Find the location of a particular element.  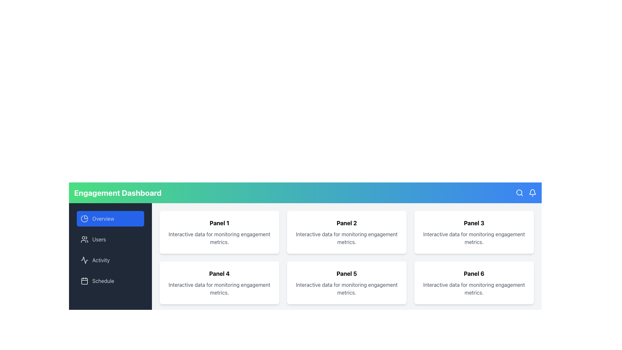

the second segment of the pie chart icon in the 'Overview' section of the left-hand navigation bar is located at coordinates (84, 219).